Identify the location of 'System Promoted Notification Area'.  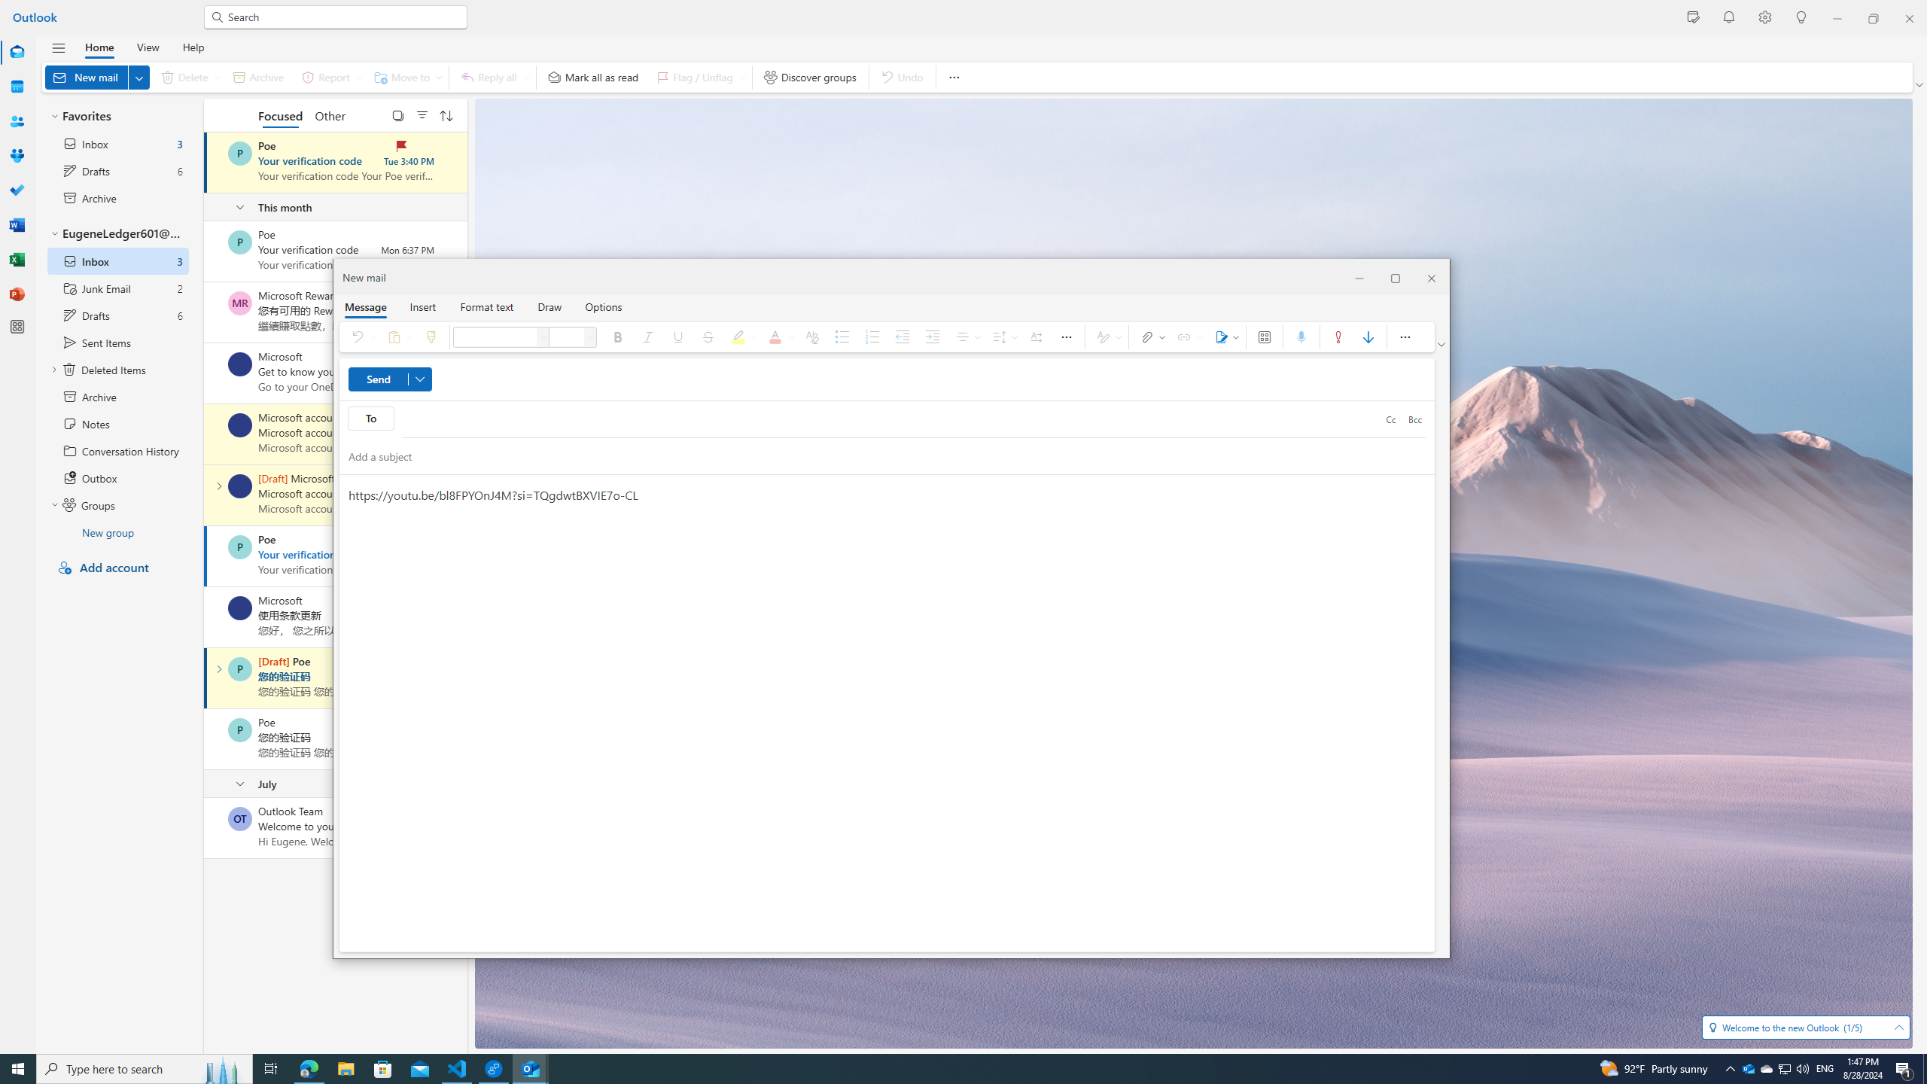
(1749, 1067).